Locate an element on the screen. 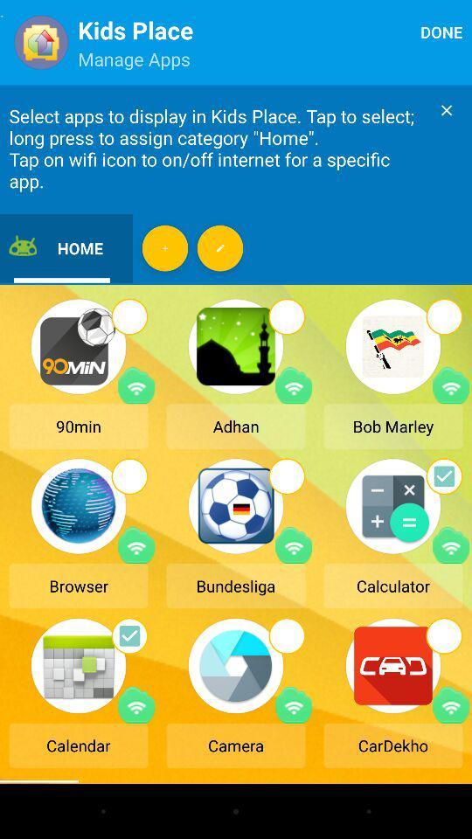 This screenshot has width=472, height=839. wifi icon is located at coordinates (135, 704).